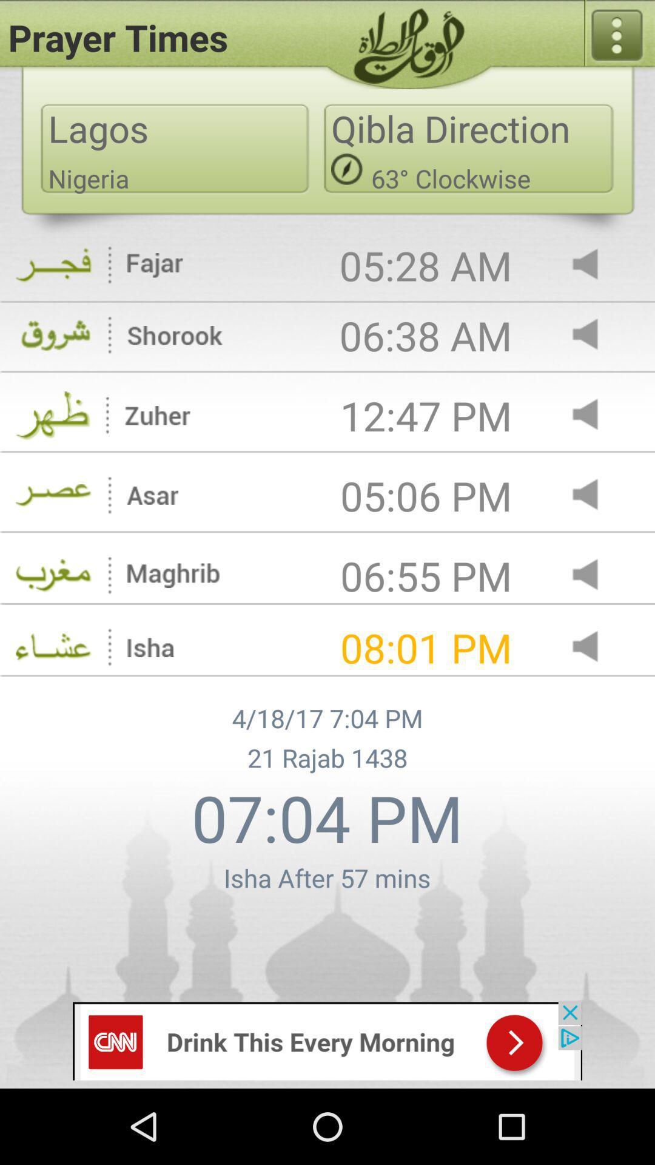 The width and height of the screenshot is (655, 1165). Describe the element at coordinates (595, 647) in the screenshot. I see `adjust volumn button` at that location.